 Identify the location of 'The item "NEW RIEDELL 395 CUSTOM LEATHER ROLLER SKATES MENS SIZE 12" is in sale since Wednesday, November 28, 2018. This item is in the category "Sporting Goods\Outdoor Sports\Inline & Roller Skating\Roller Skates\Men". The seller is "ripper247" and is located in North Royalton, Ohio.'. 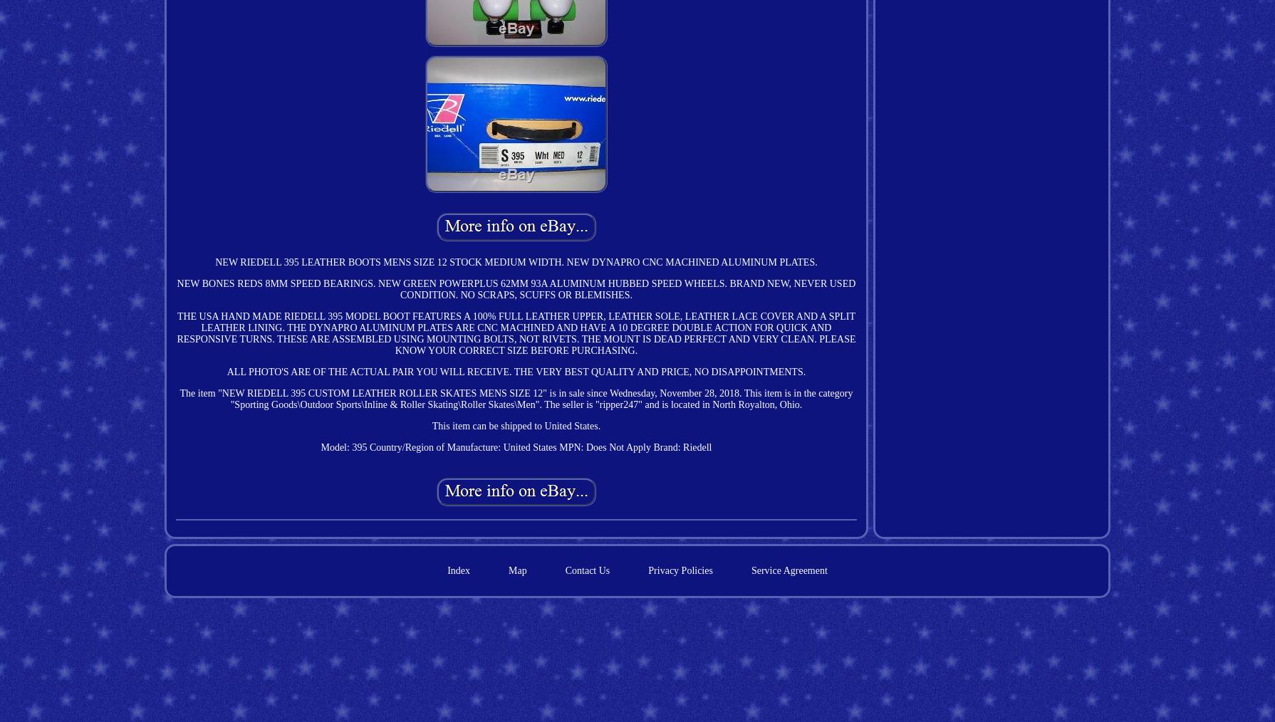
(179, 397).